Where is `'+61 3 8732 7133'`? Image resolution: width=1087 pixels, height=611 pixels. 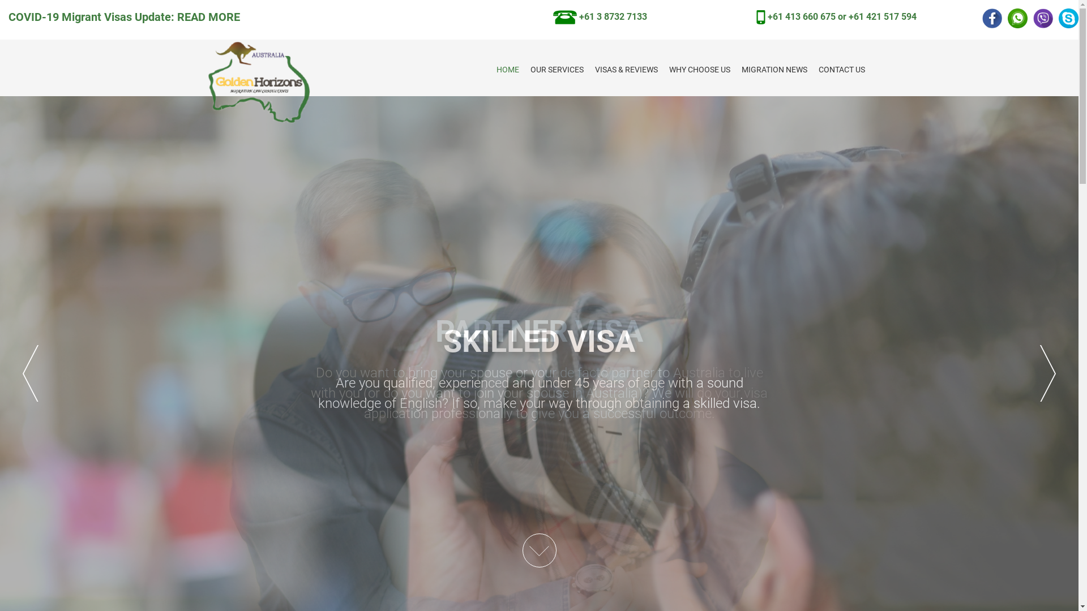 '+61 3 8732 7133' is located at coordinates (600, 16).